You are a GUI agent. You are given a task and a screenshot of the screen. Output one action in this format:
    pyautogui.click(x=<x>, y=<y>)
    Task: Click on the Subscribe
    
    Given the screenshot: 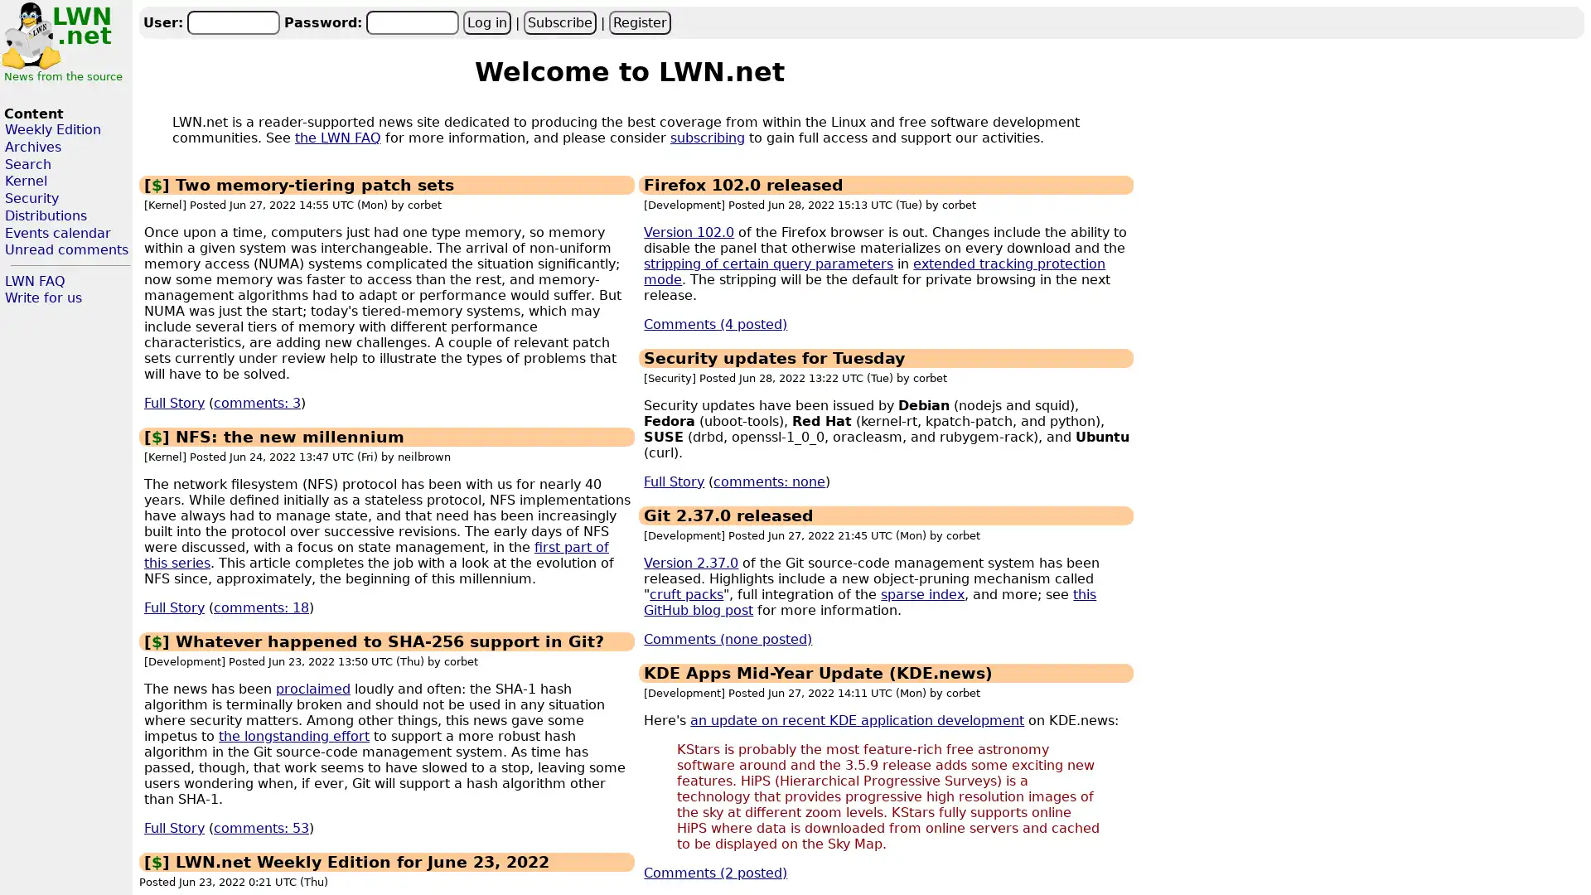 What is the action you would take?
    pyautogui.click(x=559, y=22)
    